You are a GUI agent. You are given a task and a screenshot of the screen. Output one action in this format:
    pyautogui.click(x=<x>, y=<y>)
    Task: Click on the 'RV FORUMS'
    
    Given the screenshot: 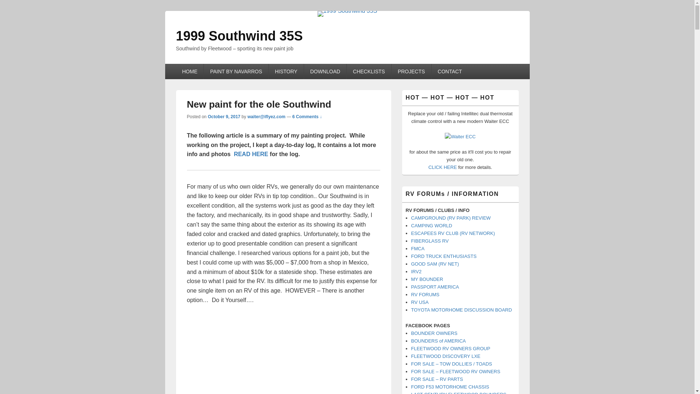 What is the action you would take?
    pyautogui.click(x=425, y=294)
    